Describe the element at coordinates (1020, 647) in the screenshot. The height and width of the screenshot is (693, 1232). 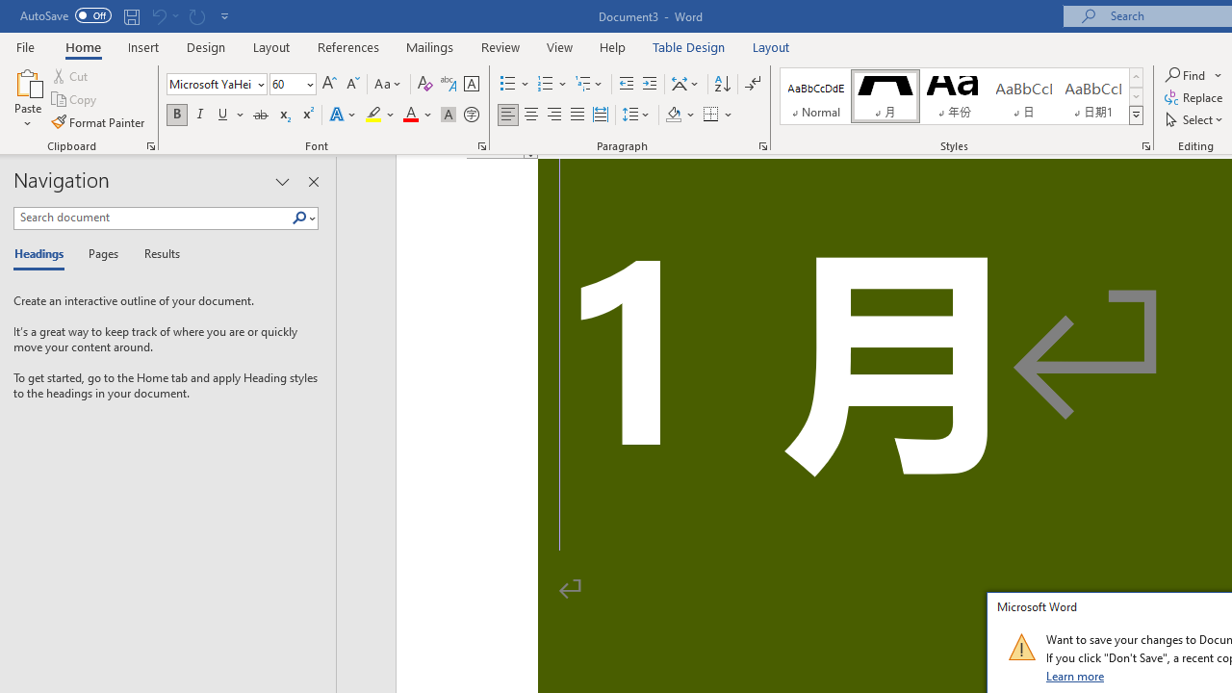
I see `'Class: NetUIImage'` at that location.